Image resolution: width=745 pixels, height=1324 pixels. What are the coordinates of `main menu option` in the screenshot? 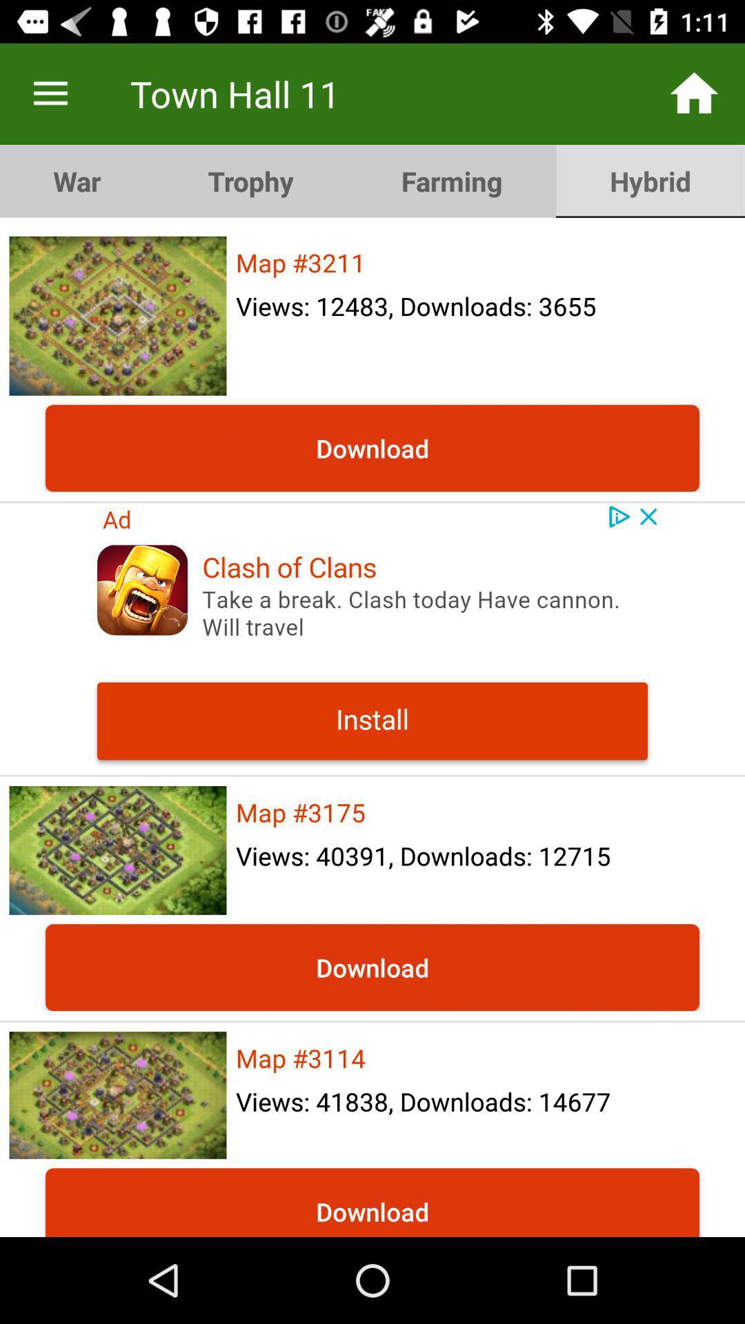 It's located at (50, 93).